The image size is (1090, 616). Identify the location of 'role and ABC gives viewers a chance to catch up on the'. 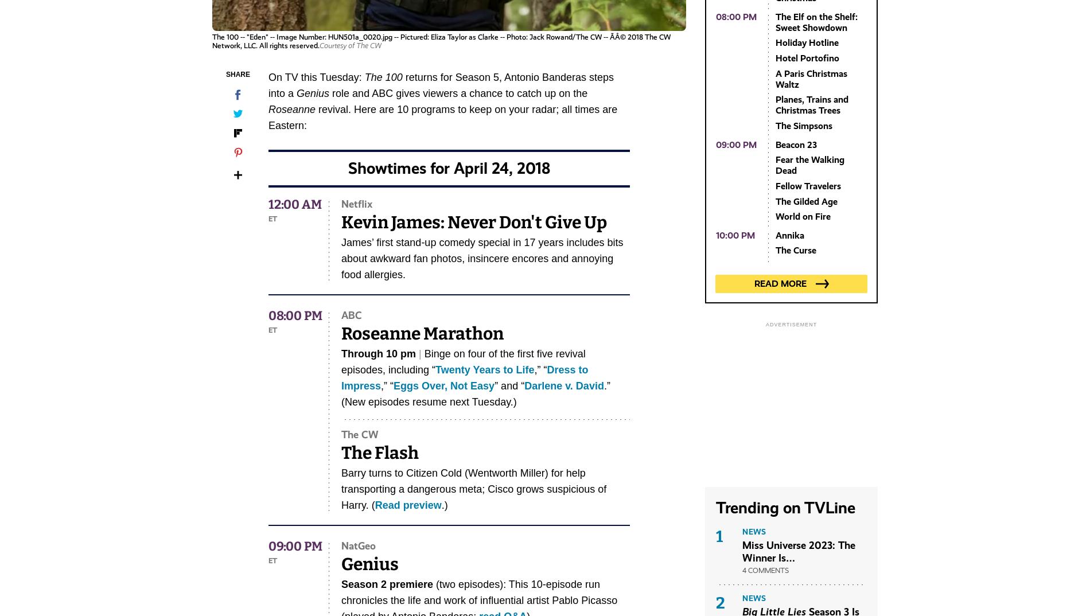
(457, 93).